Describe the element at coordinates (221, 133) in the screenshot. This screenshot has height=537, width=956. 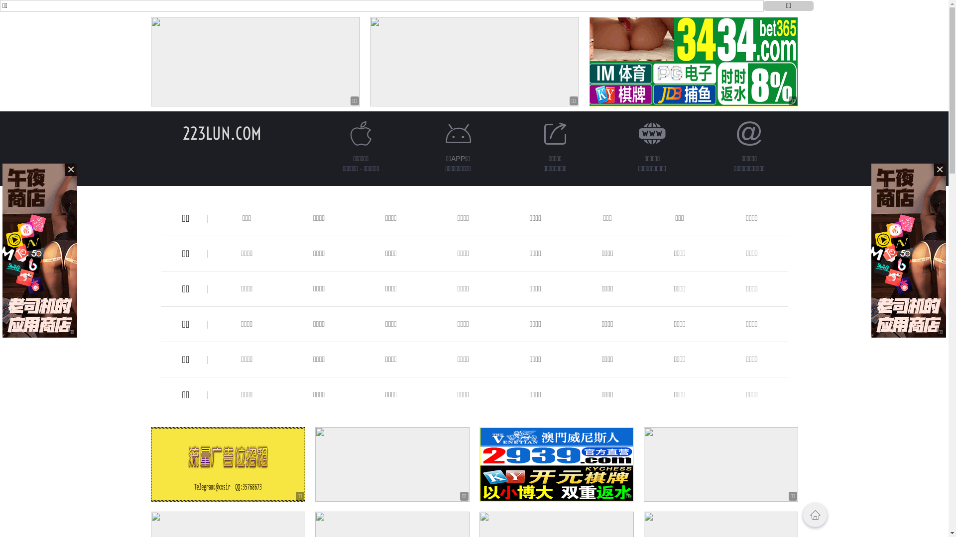
I see `'223LUN.COM'` at that location.